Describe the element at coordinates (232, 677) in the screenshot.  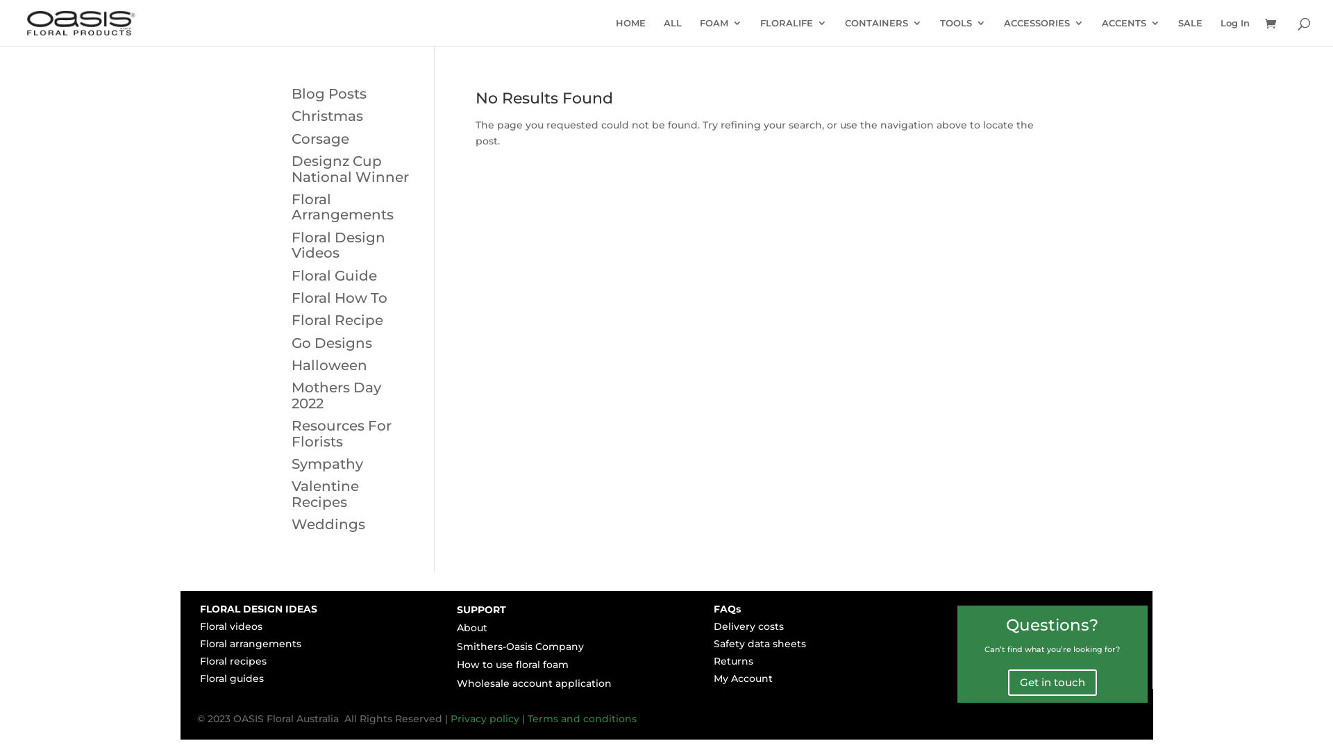
I see `'Floral guides'` at that location.